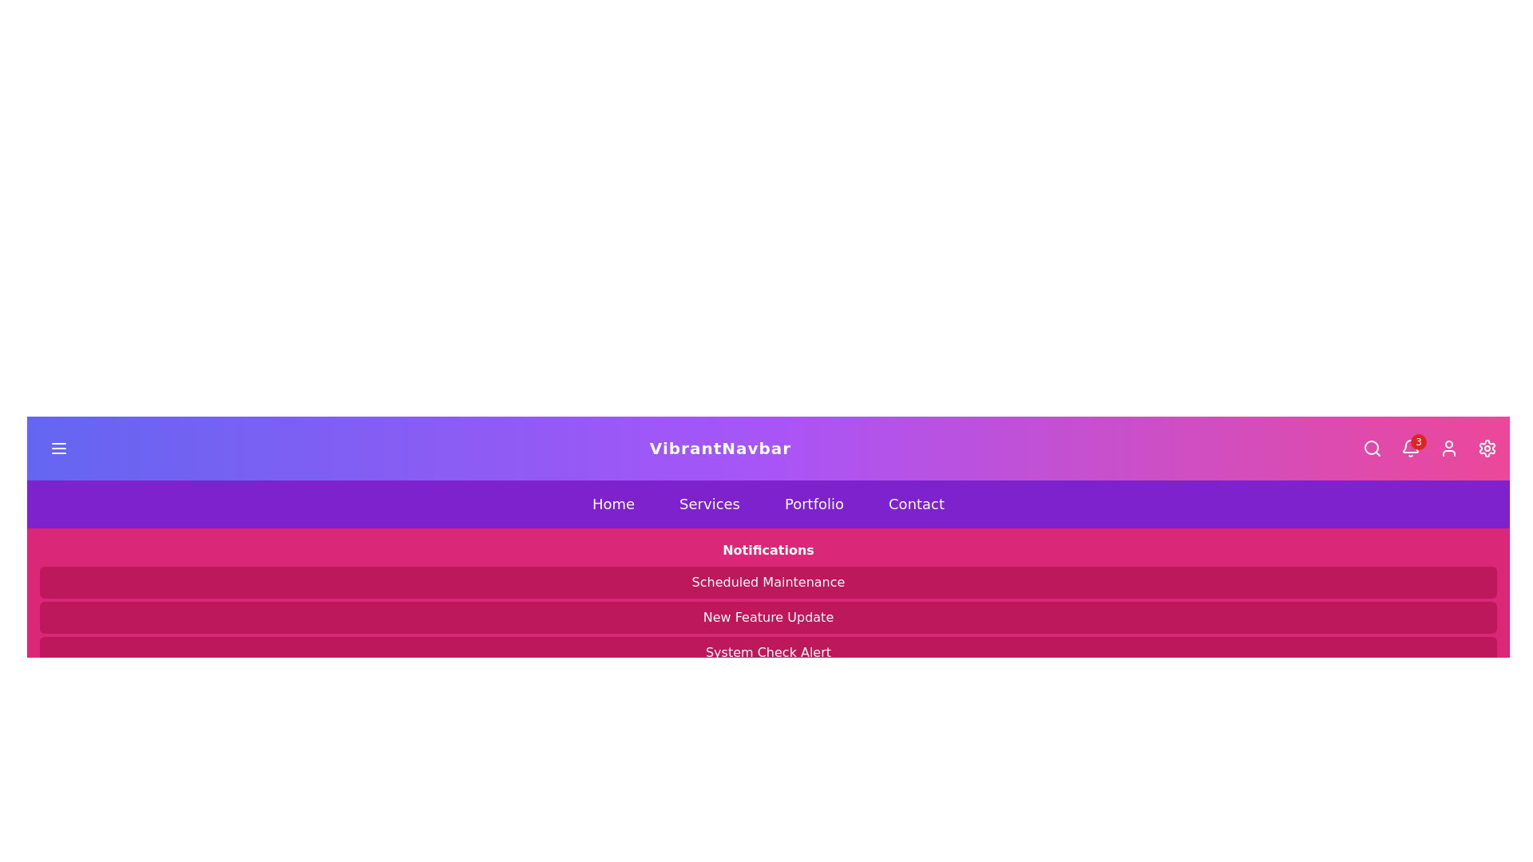 This screenshot has width=1533, height=862. What do you see at coordinates (58, 449) in the screenshot?
I see `the toggle button located at the top-left corner of the navigation bar` at bounding box center [58, 449].